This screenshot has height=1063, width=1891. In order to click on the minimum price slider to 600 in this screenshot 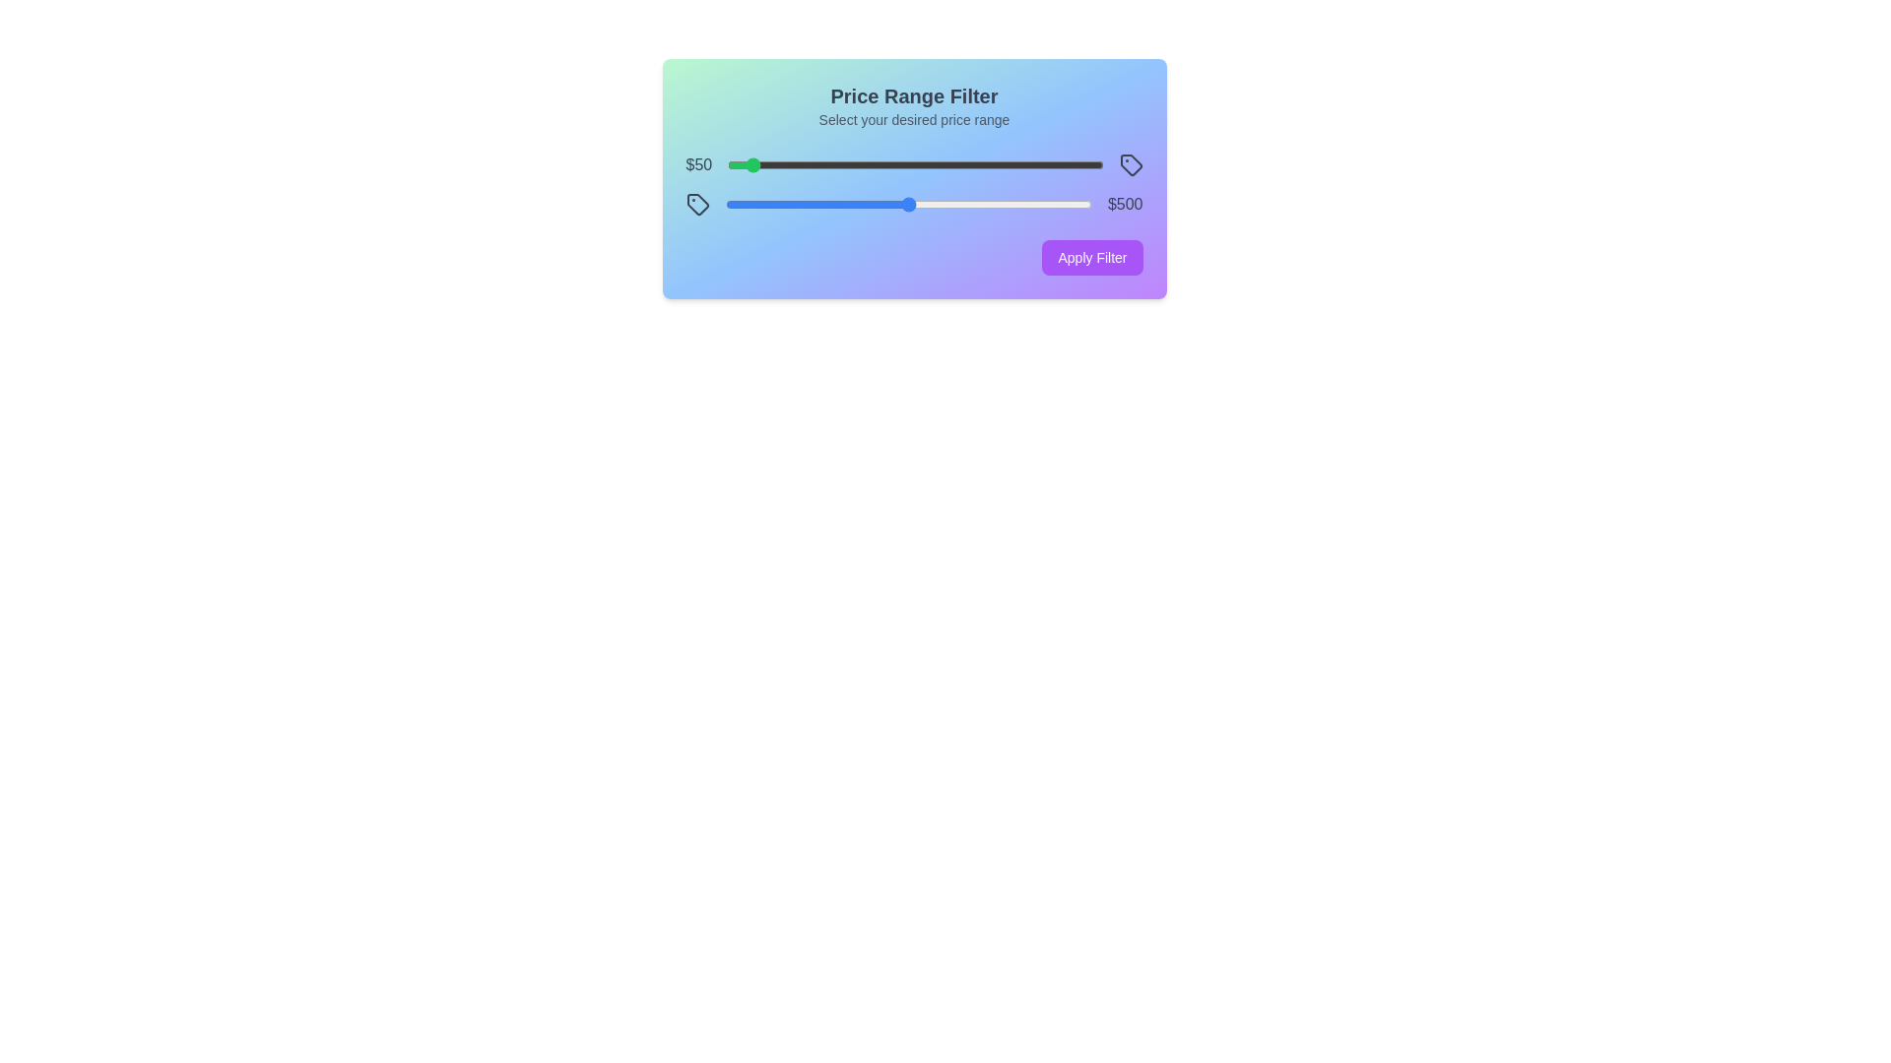, I will do `click(953, 164)`.